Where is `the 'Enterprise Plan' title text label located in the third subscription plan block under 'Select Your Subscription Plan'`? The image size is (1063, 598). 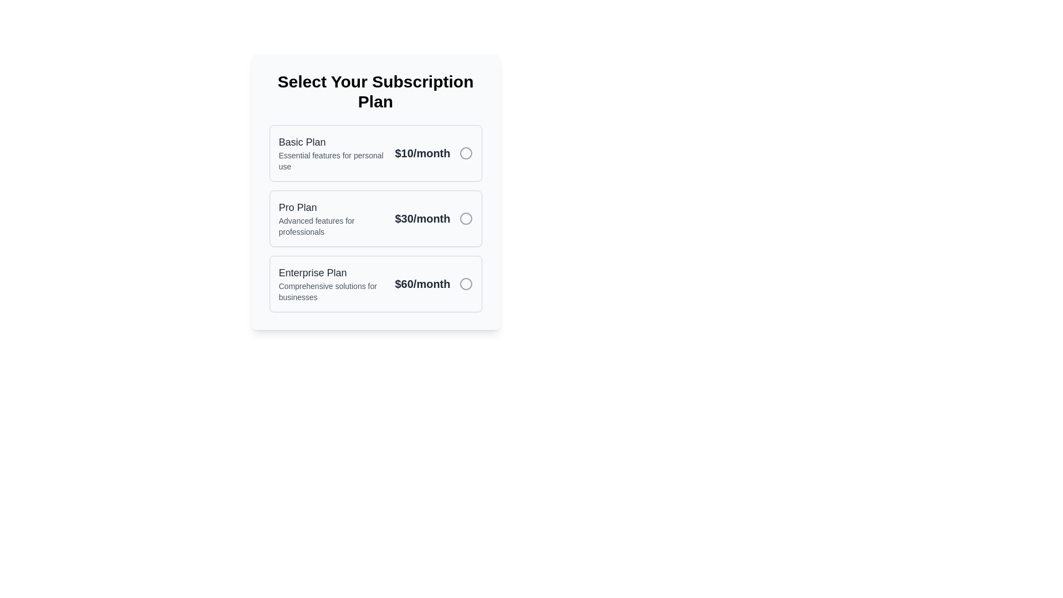
the 'Enterprise Plan' title text label located in the third subscription plan block under 'Select Your Subscription Plan' is located at coordinates (332, 273).